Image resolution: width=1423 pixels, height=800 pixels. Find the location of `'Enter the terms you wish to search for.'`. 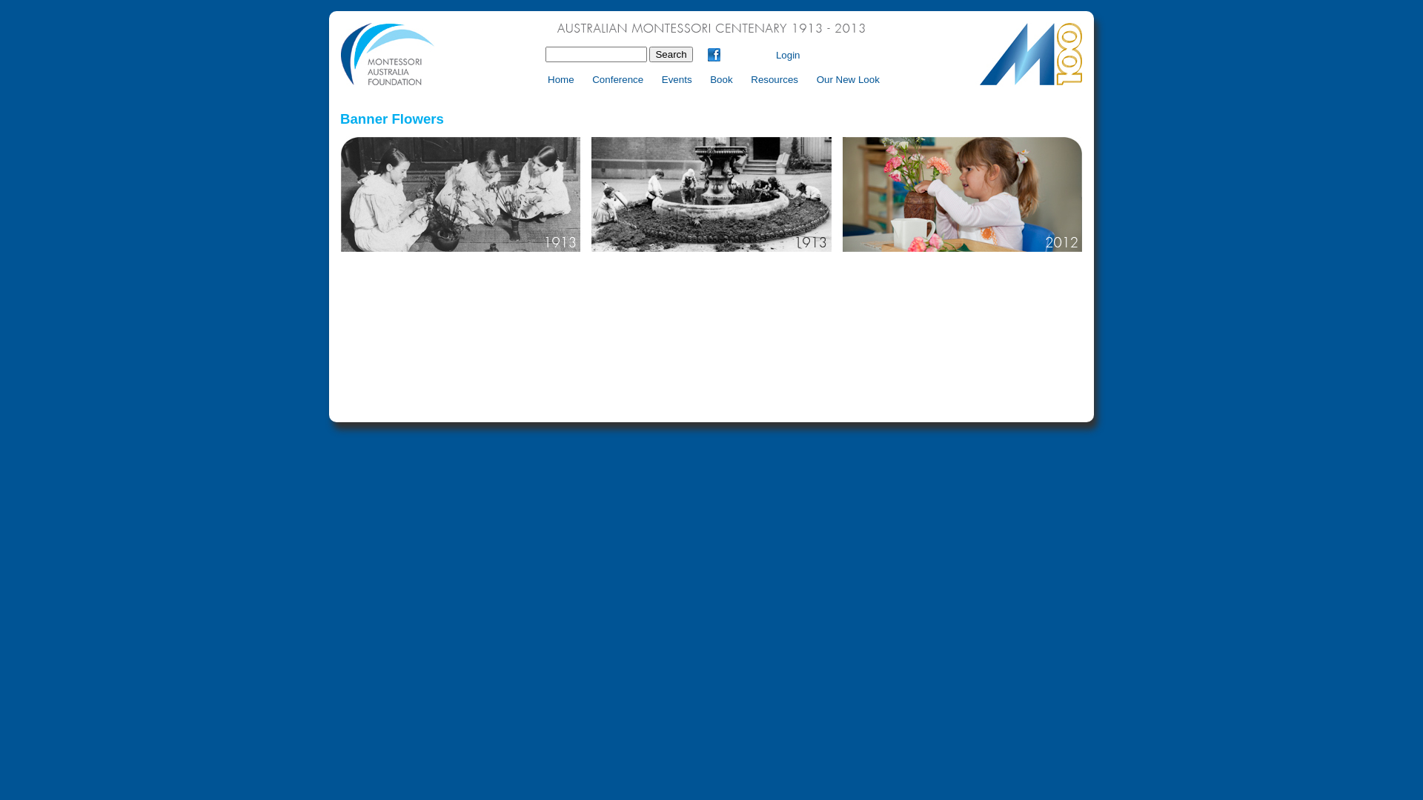

'Enter the terms you wish to search for.' is located at coordinates (596, 53).